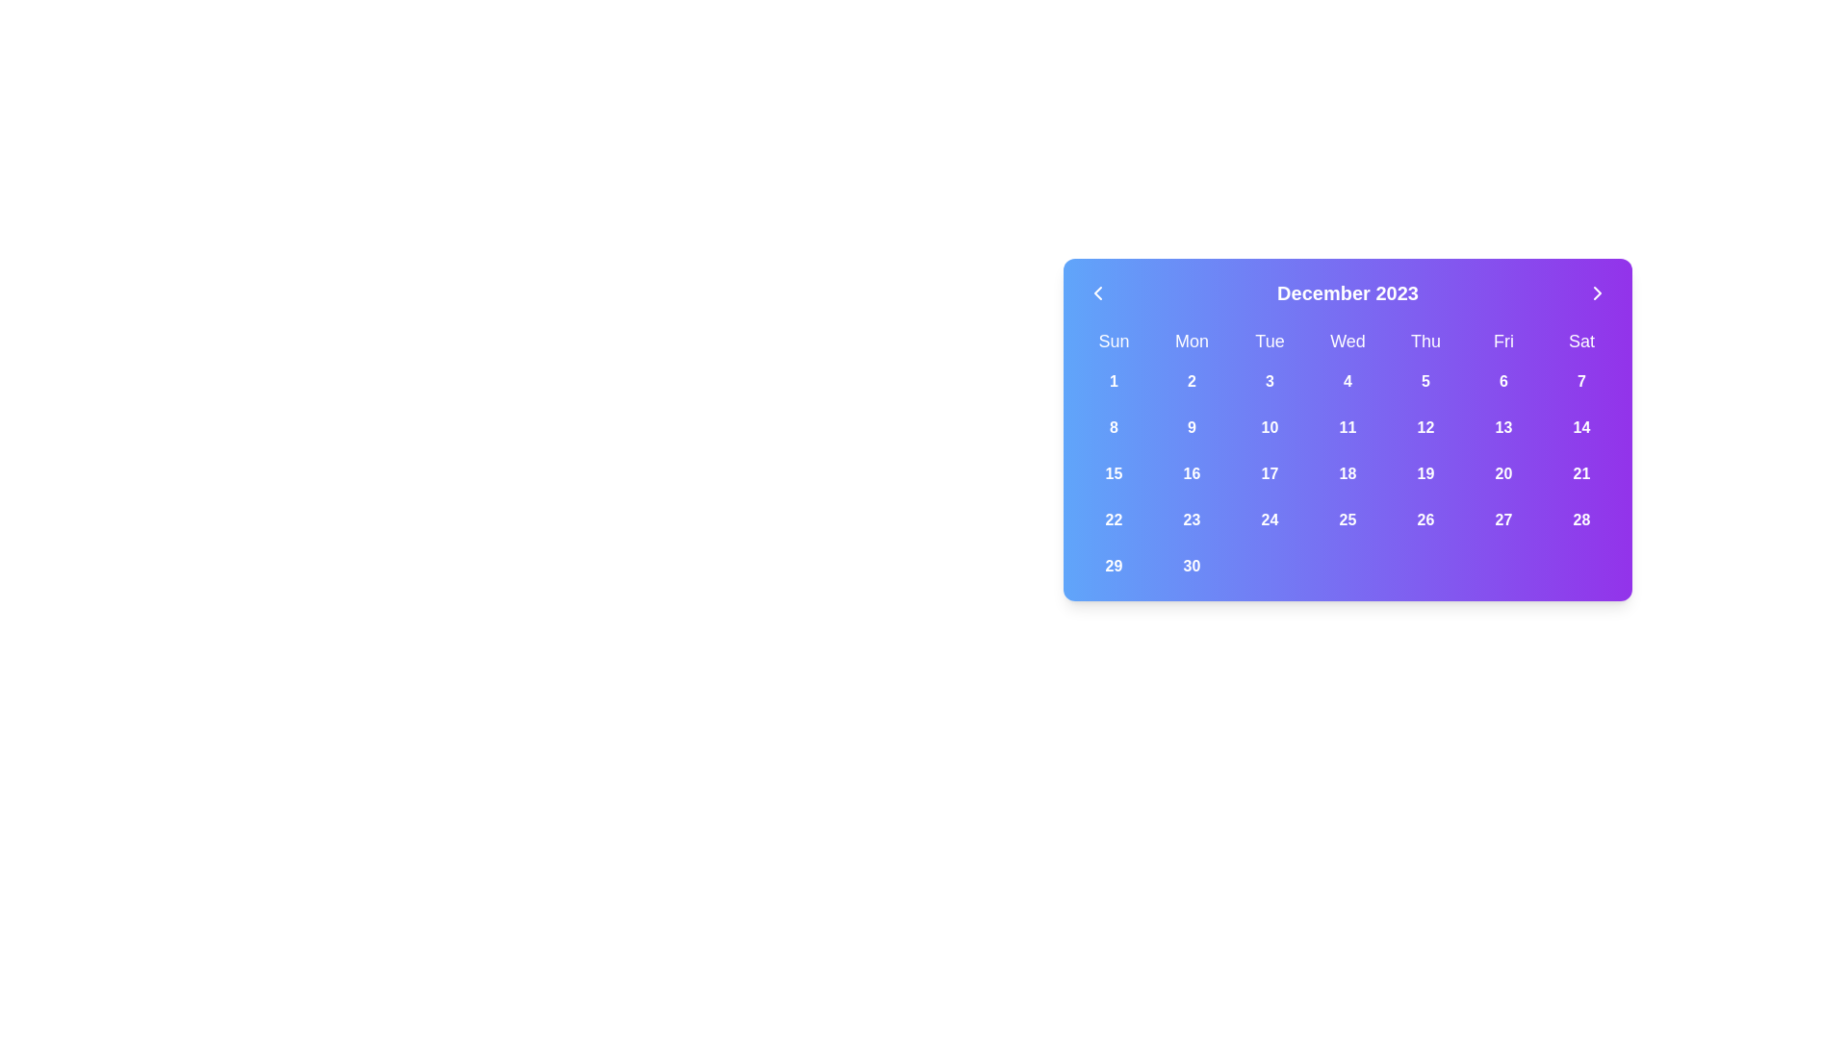 The image size is (1848, 1039). I want to click on the sixth button in the first row of the grid layout, which has a purple background and a centered white number '6', to observe the hover effect, so click(1502, 382).